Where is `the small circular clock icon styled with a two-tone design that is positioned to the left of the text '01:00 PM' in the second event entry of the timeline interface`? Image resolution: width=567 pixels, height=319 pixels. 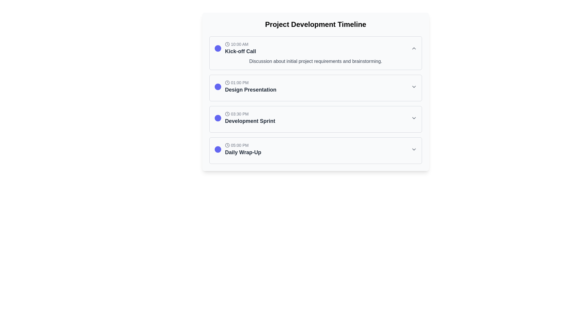
the small circular clock icon styled with a two-tone design that is positioned to the left of the text '01:00 PM' in the second event entry of the timeline interface is located at coordinates (227, 83).